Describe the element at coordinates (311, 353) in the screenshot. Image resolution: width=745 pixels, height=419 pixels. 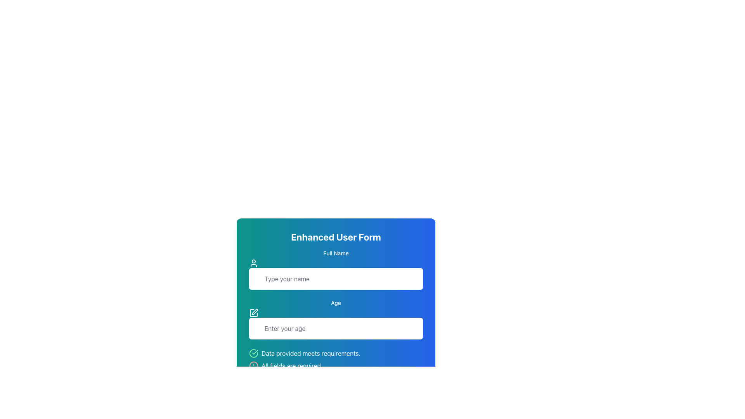
I see `the text label displaying 'Data provided meets requirements.' which is styled in white against a gradient blue-green background, located below the input fields for 'Full Name' and 'Age'` at that location.